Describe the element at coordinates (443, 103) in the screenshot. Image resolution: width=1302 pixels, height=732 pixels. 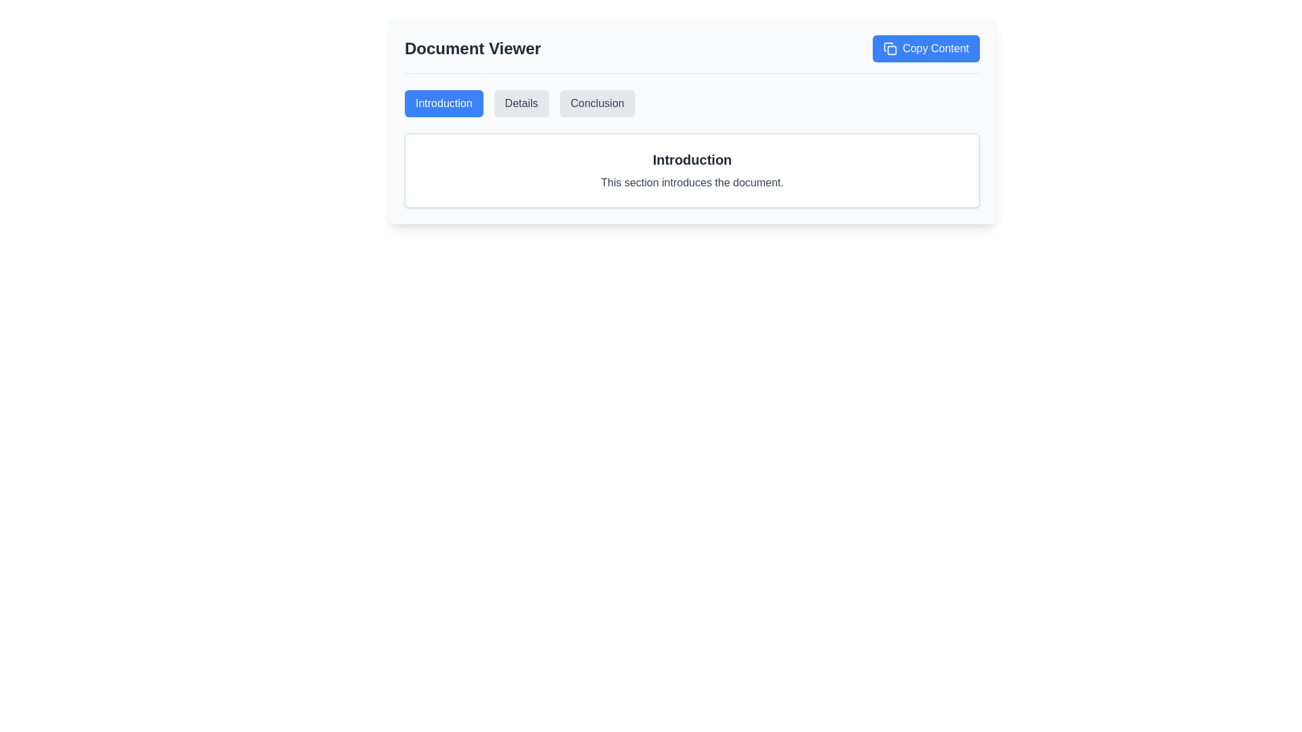
I see `the first button` at that location.